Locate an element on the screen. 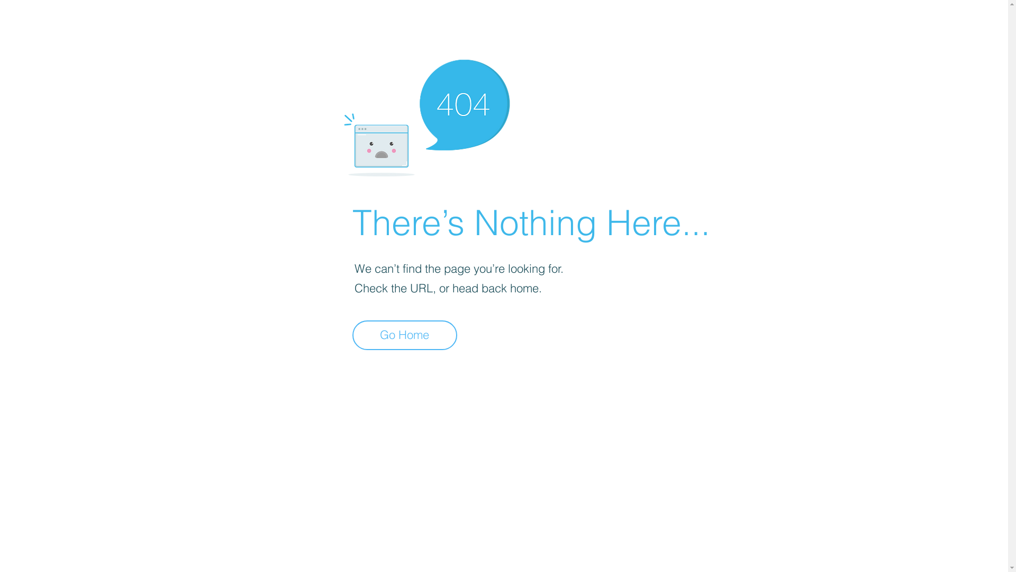  'Go Home' is located at coordinates (404, 335).